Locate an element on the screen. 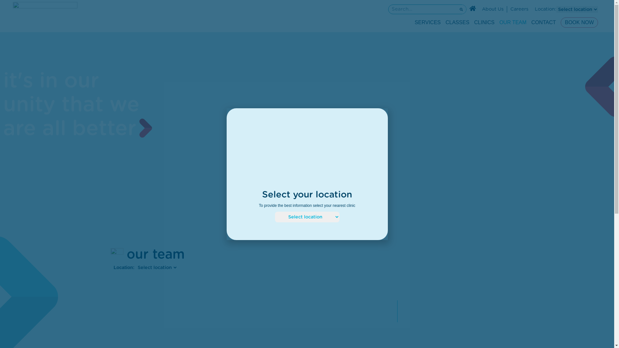  'SERVICES' is located at coordinates (427, 22).